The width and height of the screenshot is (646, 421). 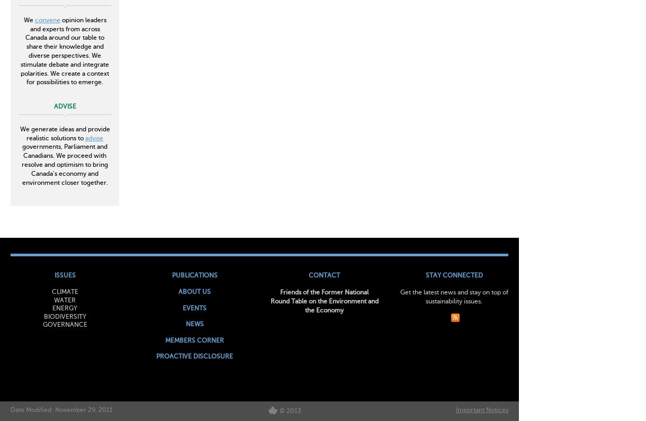 What do you see at coordinates (53, 300) in the screenshot?
I see `'WATER'` at bounding box center [53, 300].